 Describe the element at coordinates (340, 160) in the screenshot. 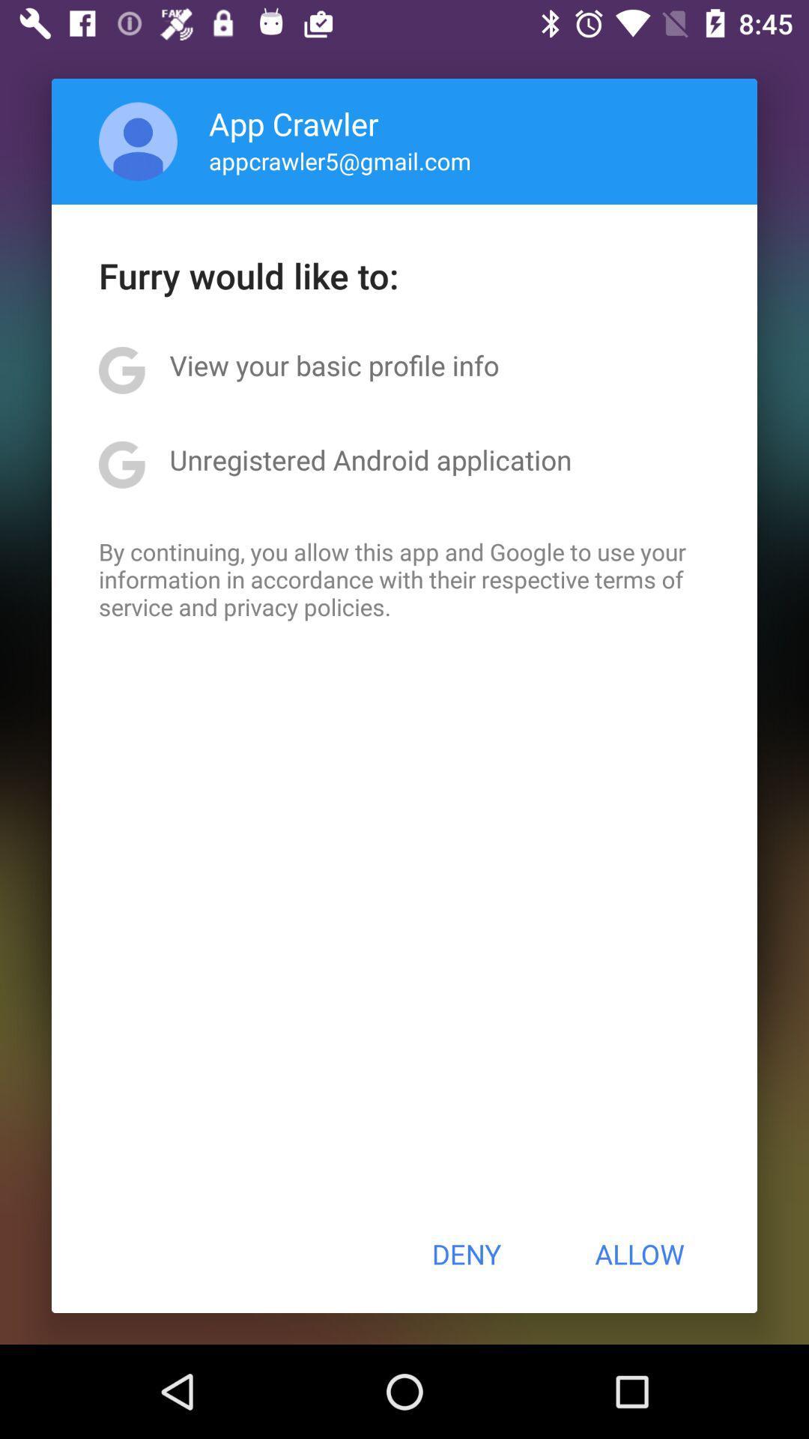

I see `the icon below app crawler` at that location.